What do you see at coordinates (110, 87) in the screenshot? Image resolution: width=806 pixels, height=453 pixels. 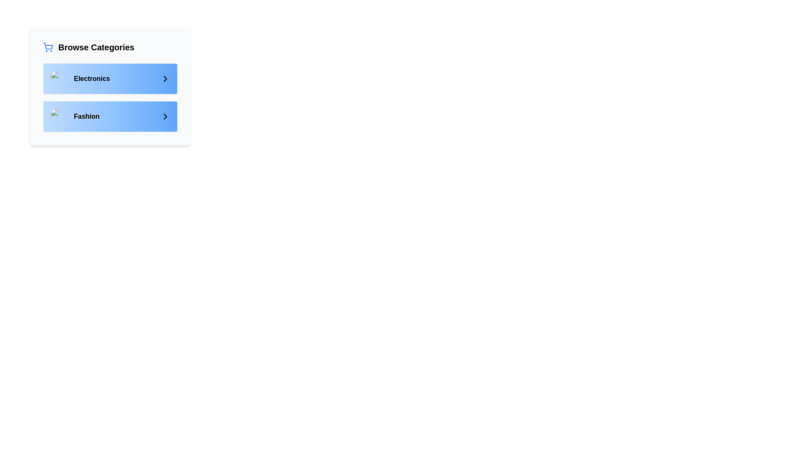 I see `the 'Electronics' category item row located within the 'Browse Categories' card` at bounding box center [110, 87].